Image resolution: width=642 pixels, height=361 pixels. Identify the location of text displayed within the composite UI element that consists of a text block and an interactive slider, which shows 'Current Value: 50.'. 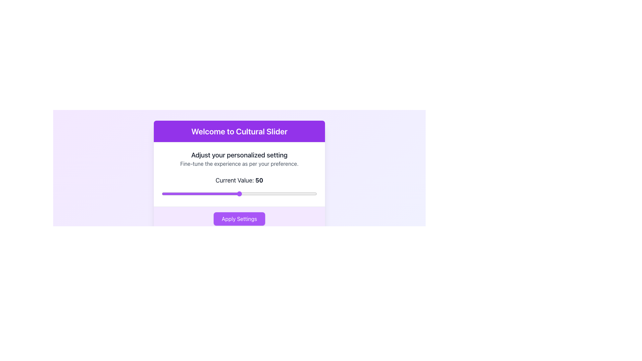
(239, 174).